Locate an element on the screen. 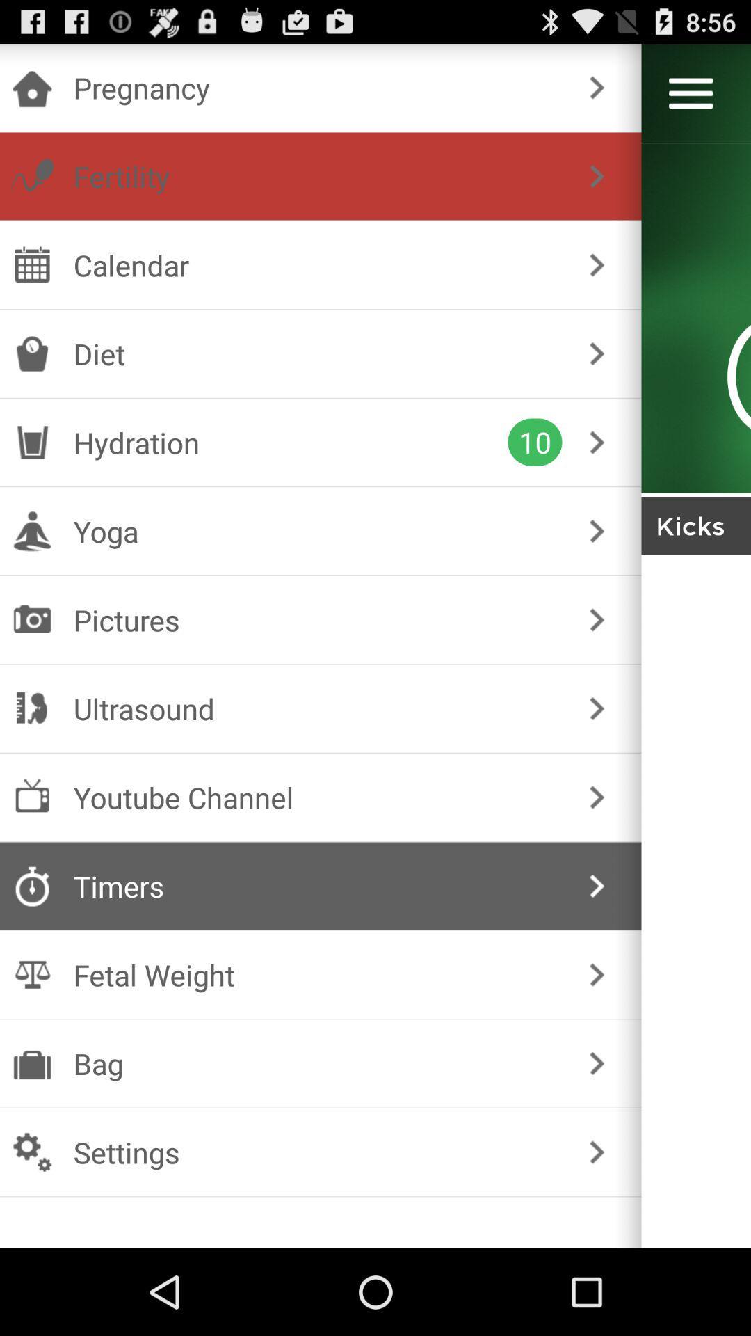 The height and width of the screenshot is (1336, 751). checkbox above bag item is located at coordinates (318, 974).